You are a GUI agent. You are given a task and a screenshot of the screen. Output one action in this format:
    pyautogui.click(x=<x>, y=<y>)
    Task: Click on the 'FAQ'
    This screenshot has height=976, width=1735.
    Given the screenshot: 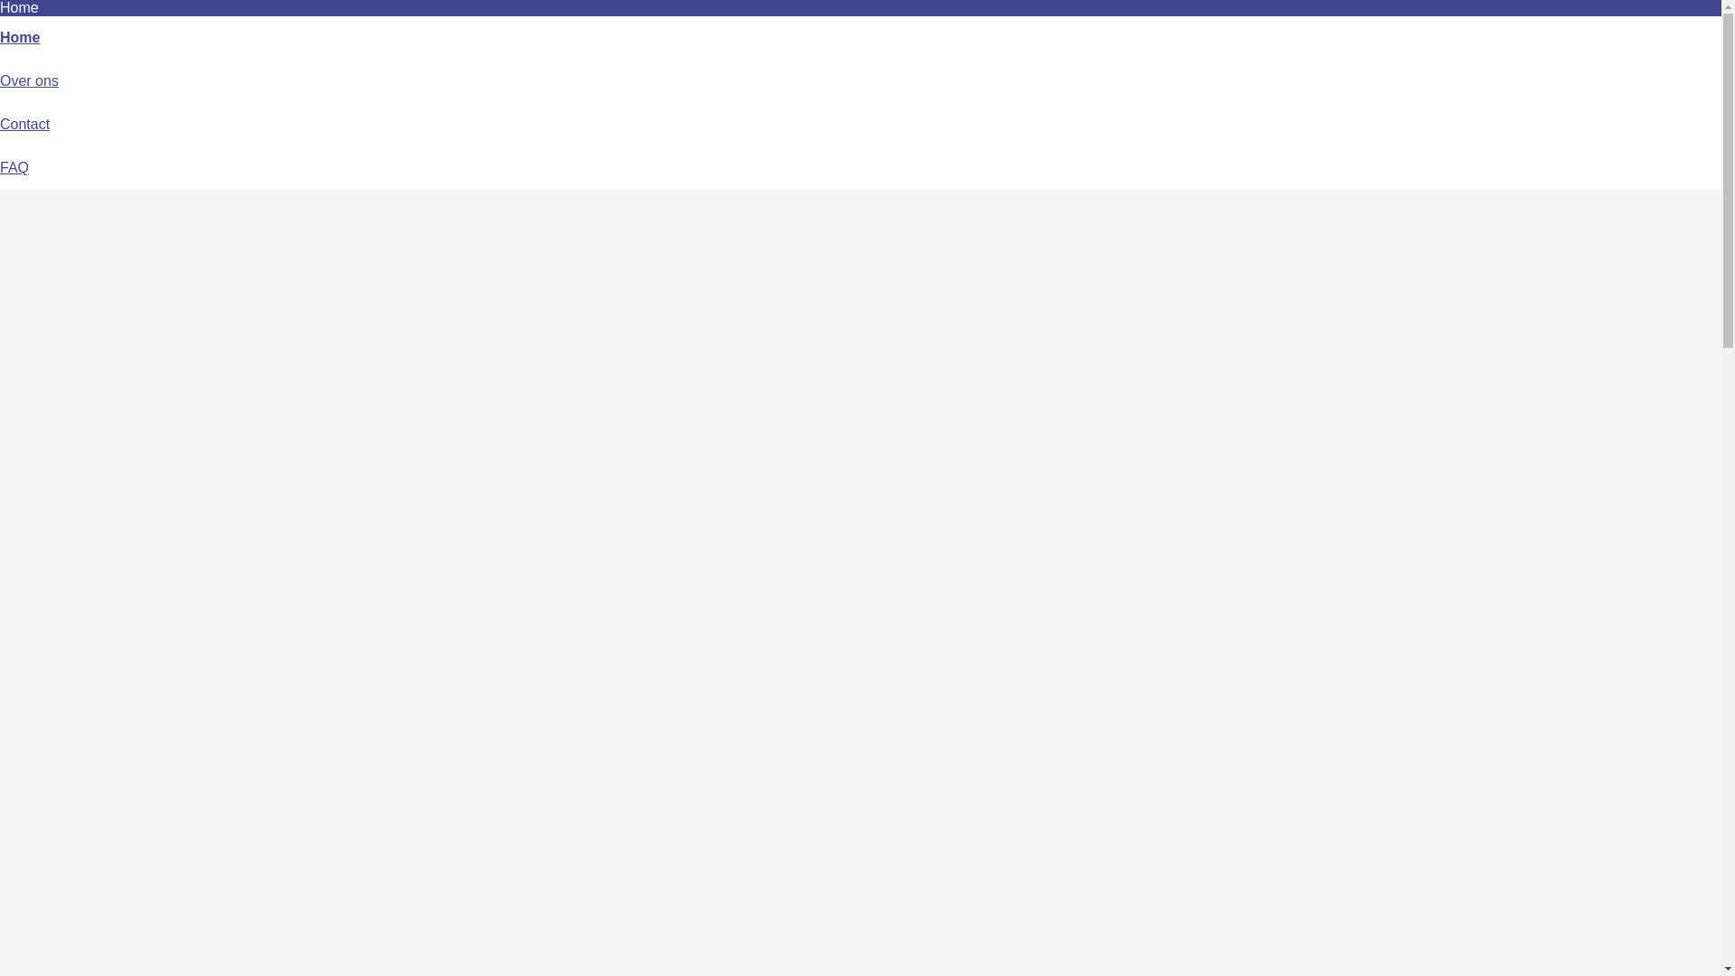 What is the action you would take?
    pyautogui.click(x=0, y=167)
    